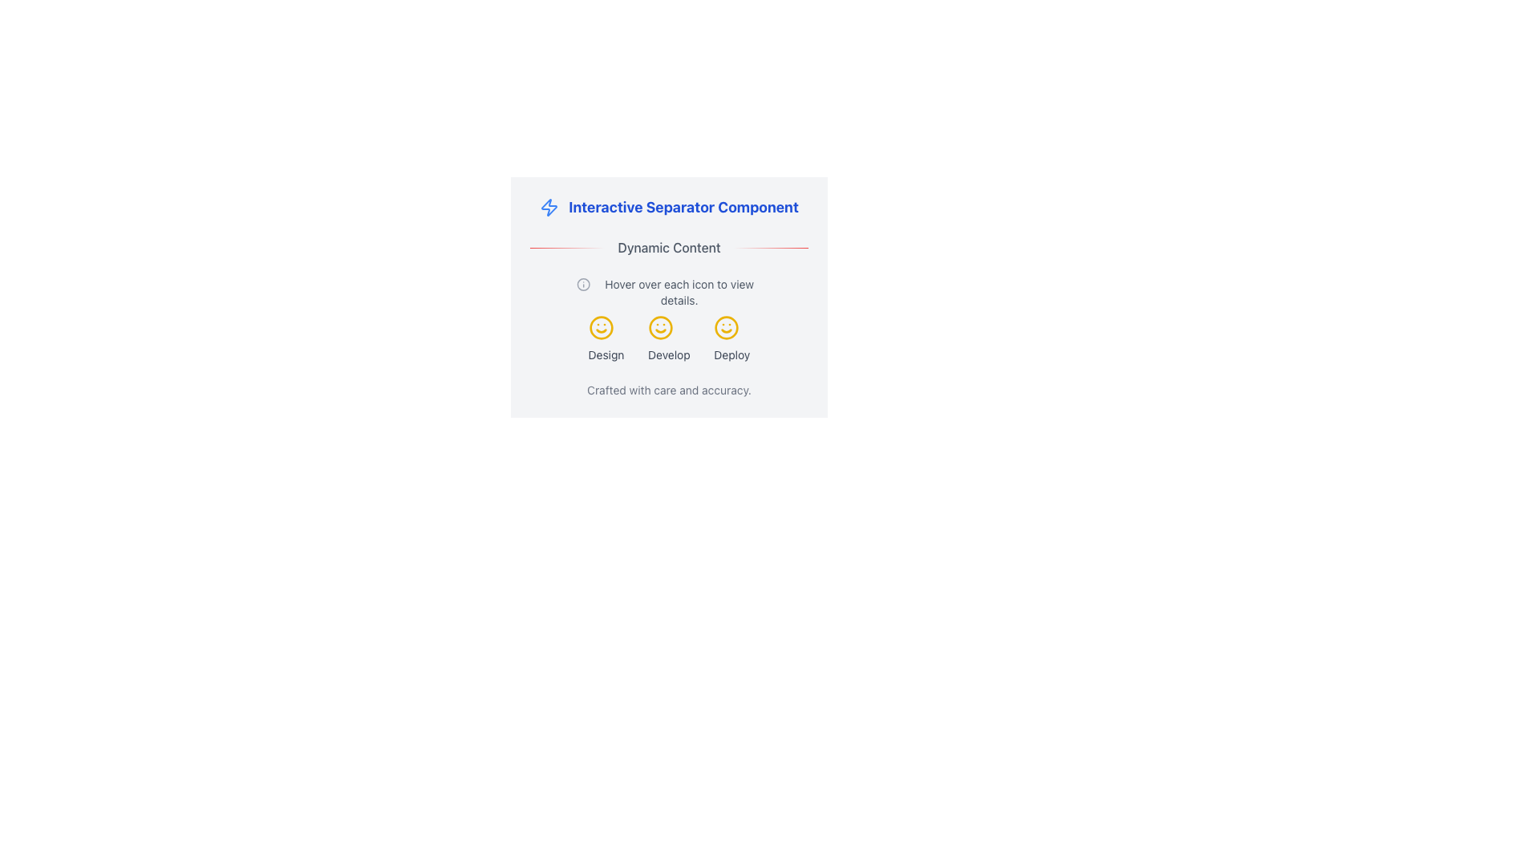 Image resolution: width=1540 pixels, height=866 pixels. Describe the element at coordinates (582, 283) in the screenshot. I see `the SVG circle with a light gray stroke, located in the top-left part of the interface, part of an icon that precedes the text 'Hover over each icon` at that location.